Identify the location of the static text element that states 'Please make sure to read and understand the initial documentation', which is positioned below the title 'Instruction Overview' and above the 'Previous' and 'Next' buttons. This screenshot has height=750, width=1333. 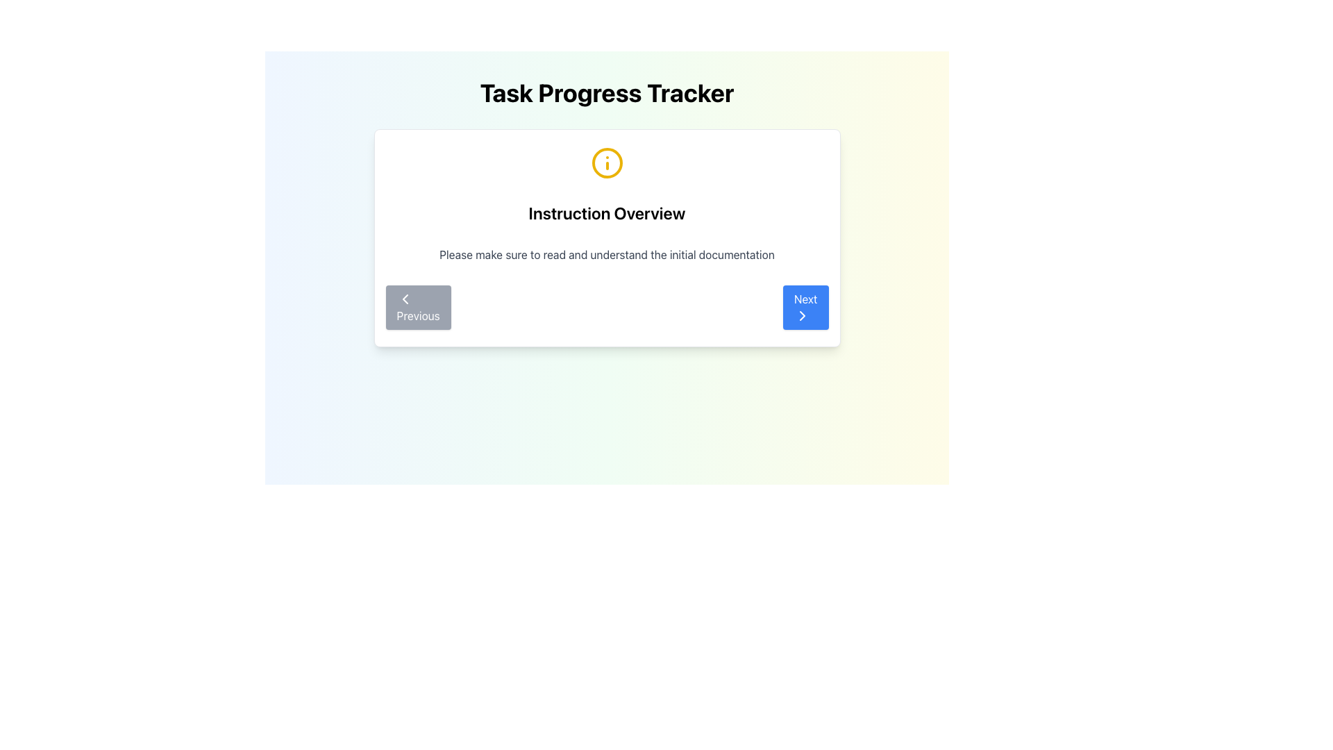
(607, 254).